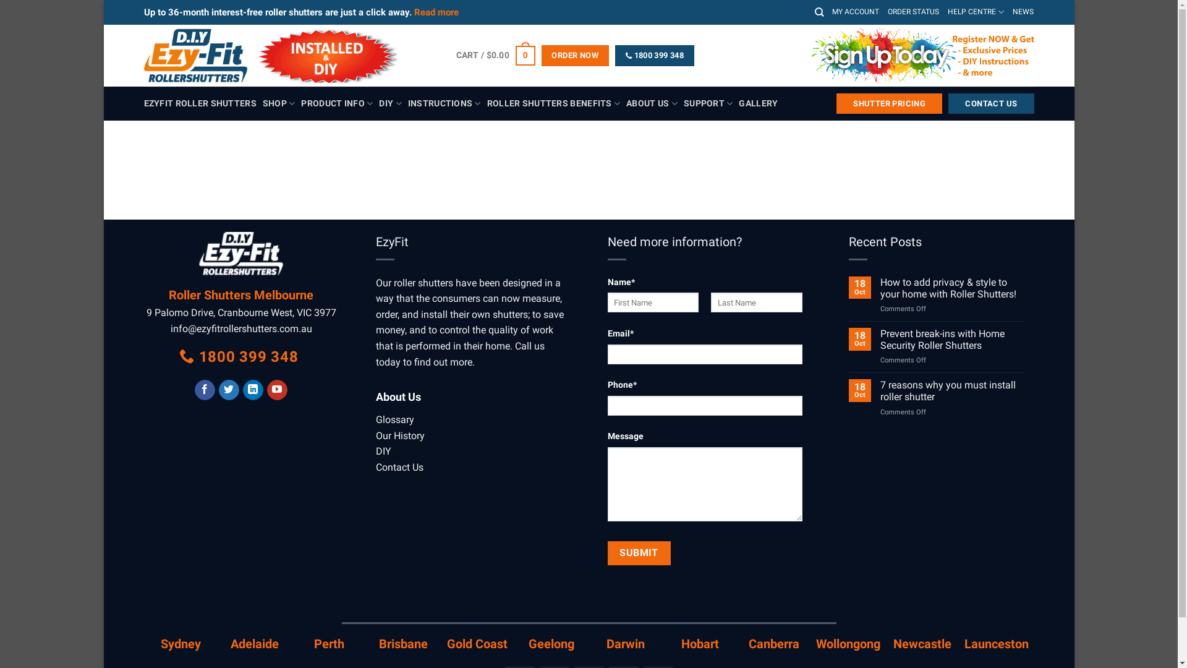 Image resolution: width=1187 pixels, height=668 pixels. I want to click on 'SHUTTER PRICING', so click(888, 103).